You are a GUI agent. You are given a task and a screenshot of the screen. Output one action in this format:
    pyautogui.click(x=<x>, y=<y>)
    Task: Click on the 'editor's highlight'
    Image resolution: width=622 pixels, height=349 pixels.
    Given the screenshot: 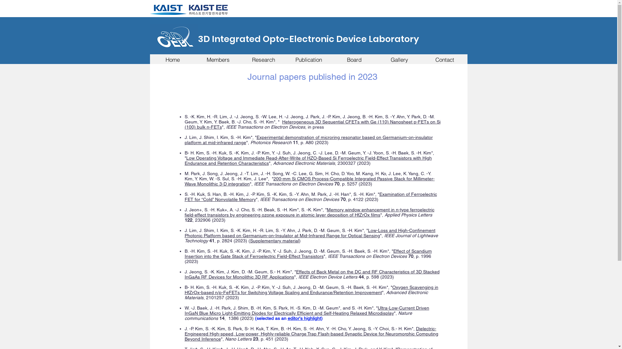 What is the action you would take?
    pyautogui.click(x=304, y=318)
    